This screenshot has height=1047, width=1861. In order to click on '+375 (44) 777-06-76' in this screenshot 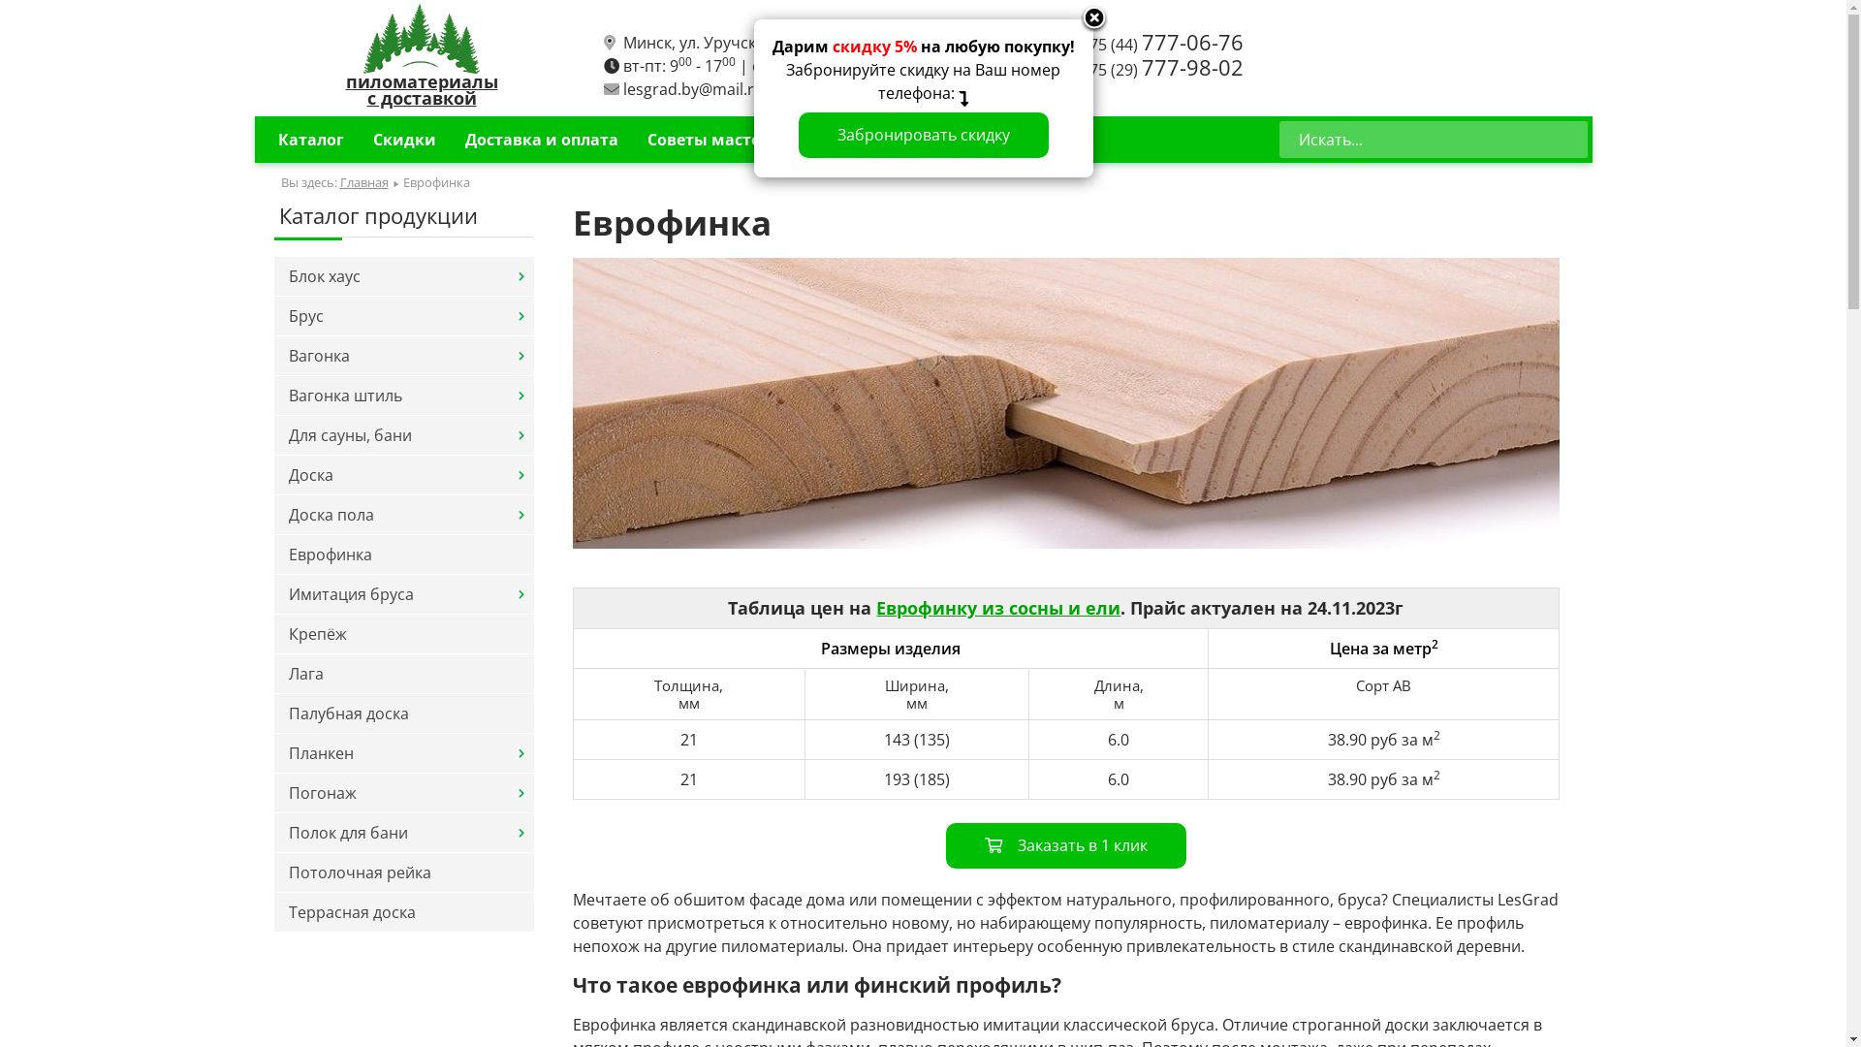, I will do `click(1157, 44)`.